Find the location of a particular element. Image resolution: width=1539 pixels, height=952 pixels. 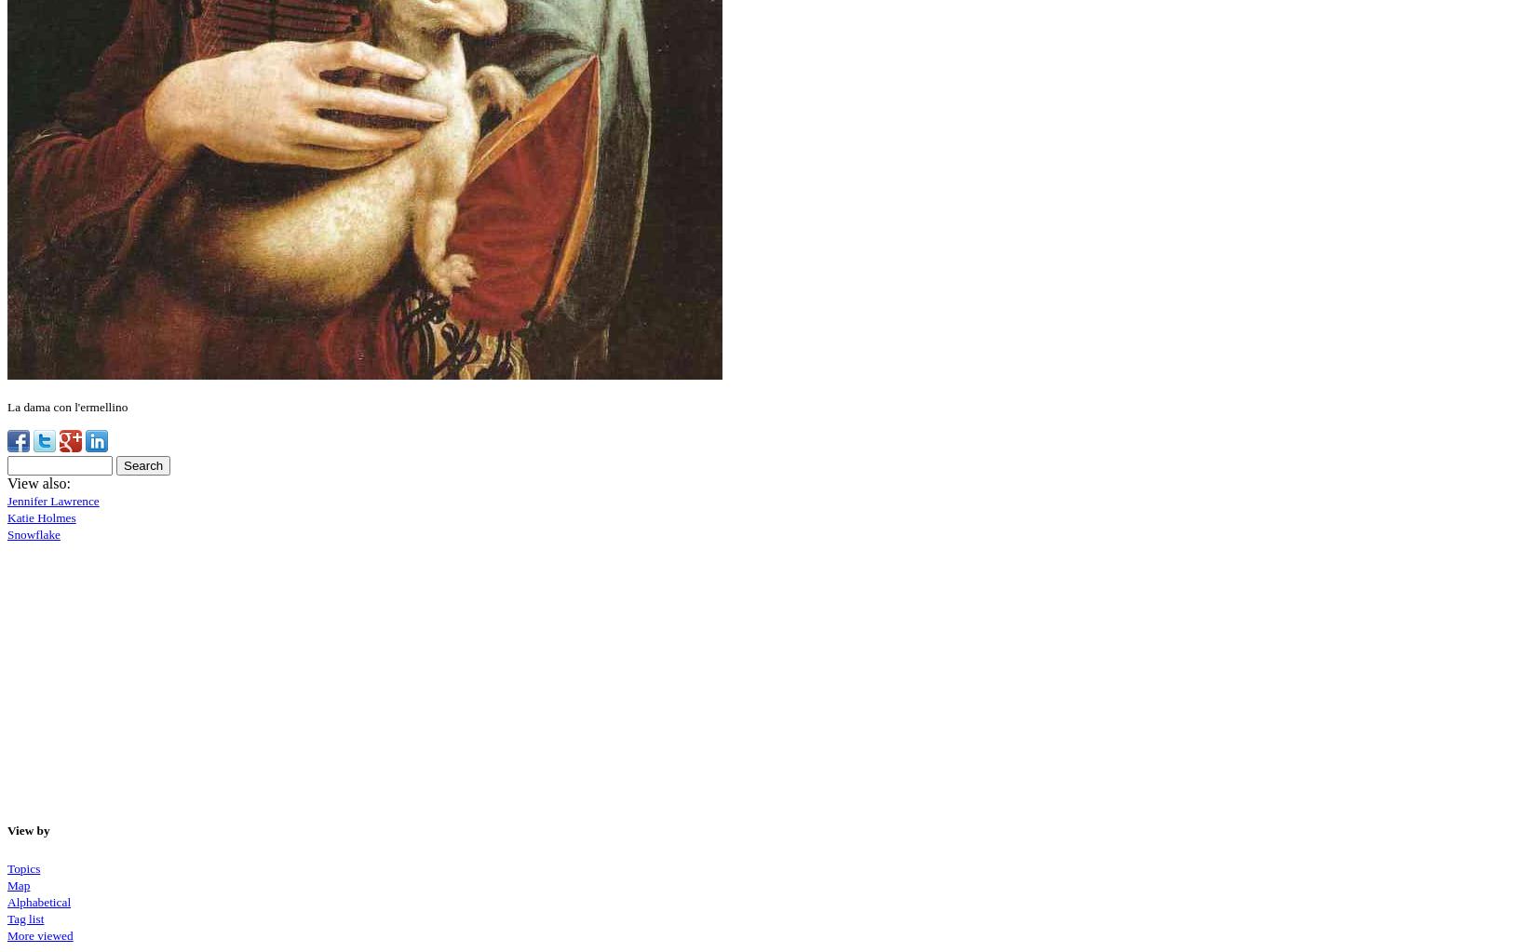

'Topics' is located at coordinates (6, 866).